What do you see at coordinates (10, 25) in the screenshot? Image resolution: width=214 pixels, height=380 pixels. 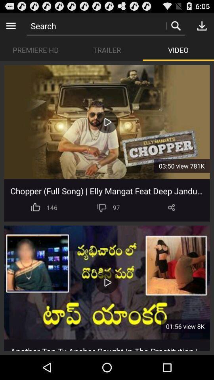 I see `the icon above premiere hd` at bounding box center [10, 25].